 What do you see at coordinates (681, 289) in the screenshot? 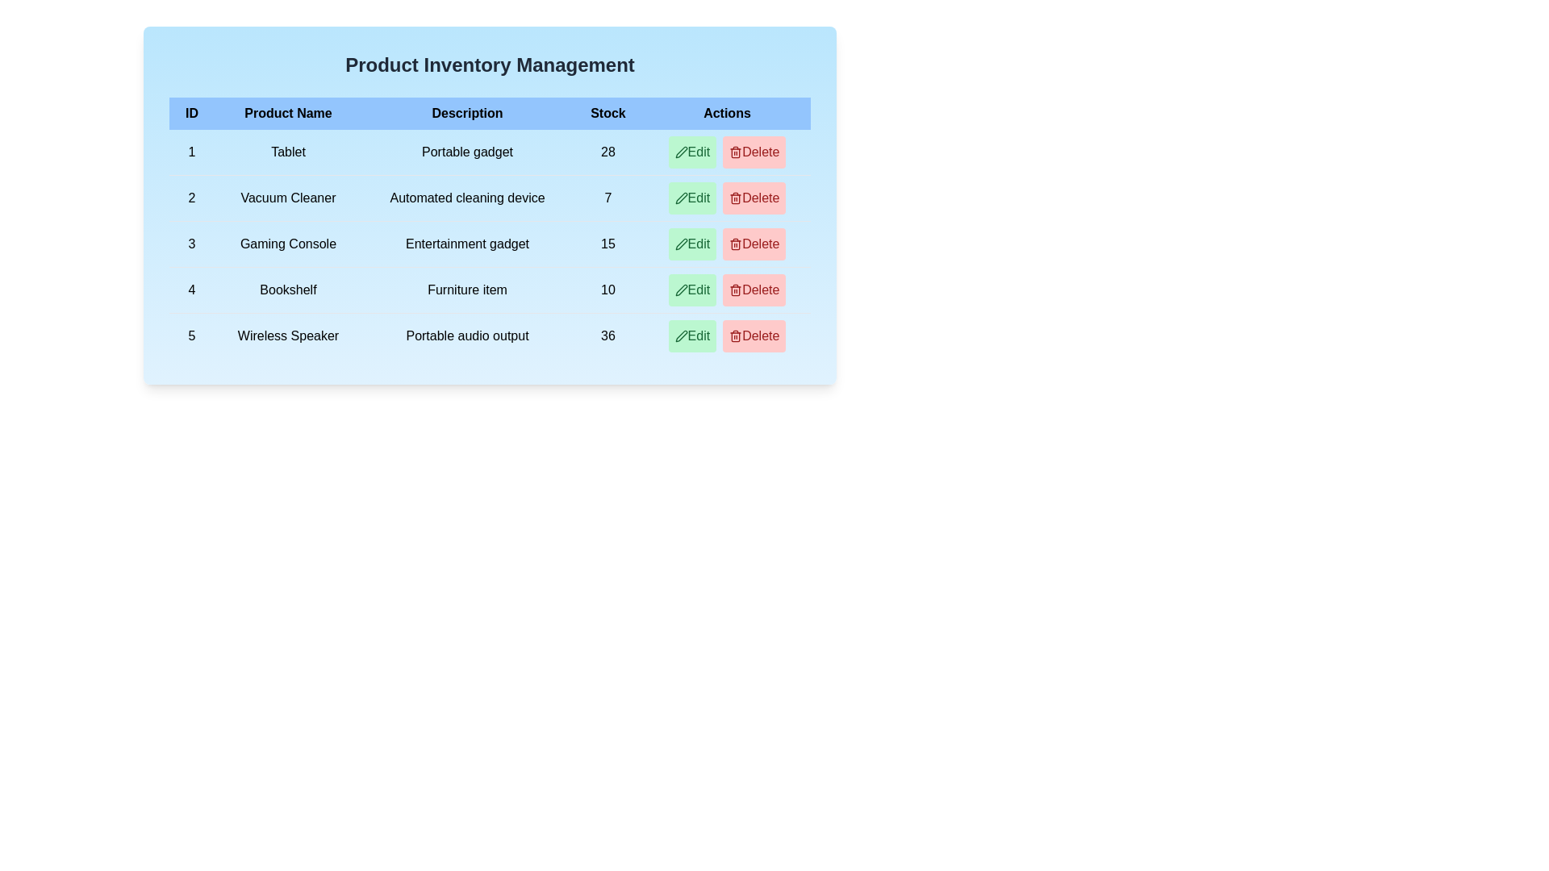
I see `the pen icon styled as an edit action, located in the fourth row of the table under the 'Actions' column` at bounding box center [681, 289].